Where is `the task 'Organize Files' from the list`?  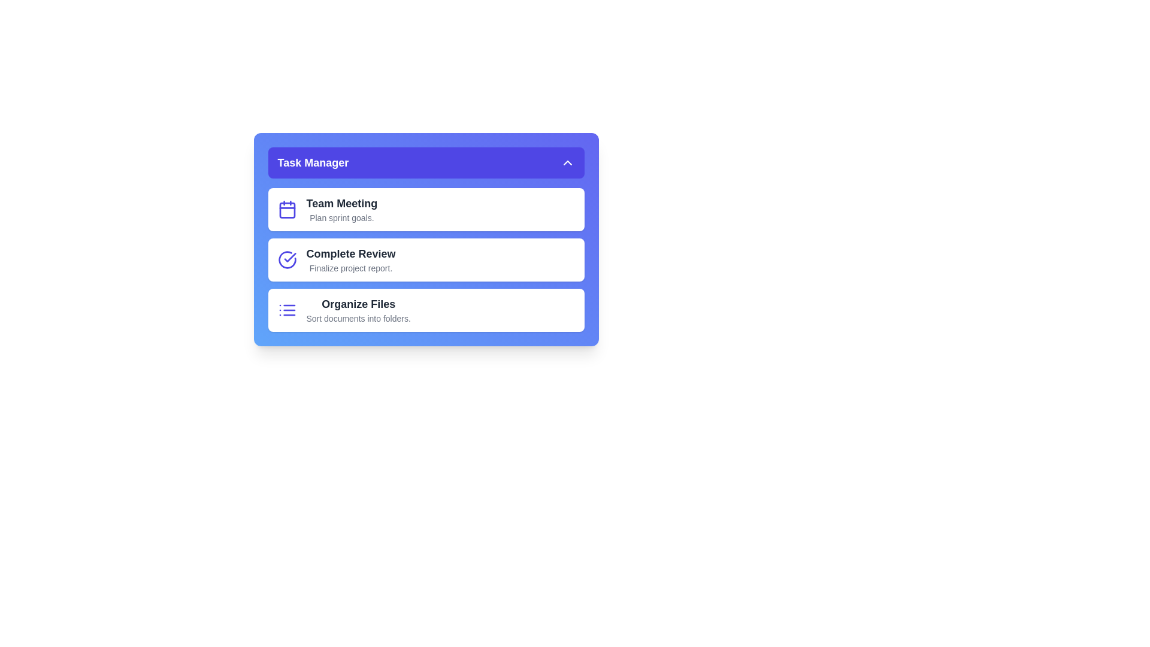
the task 'Organize Files' from the list is located at coordinates (426, 309).